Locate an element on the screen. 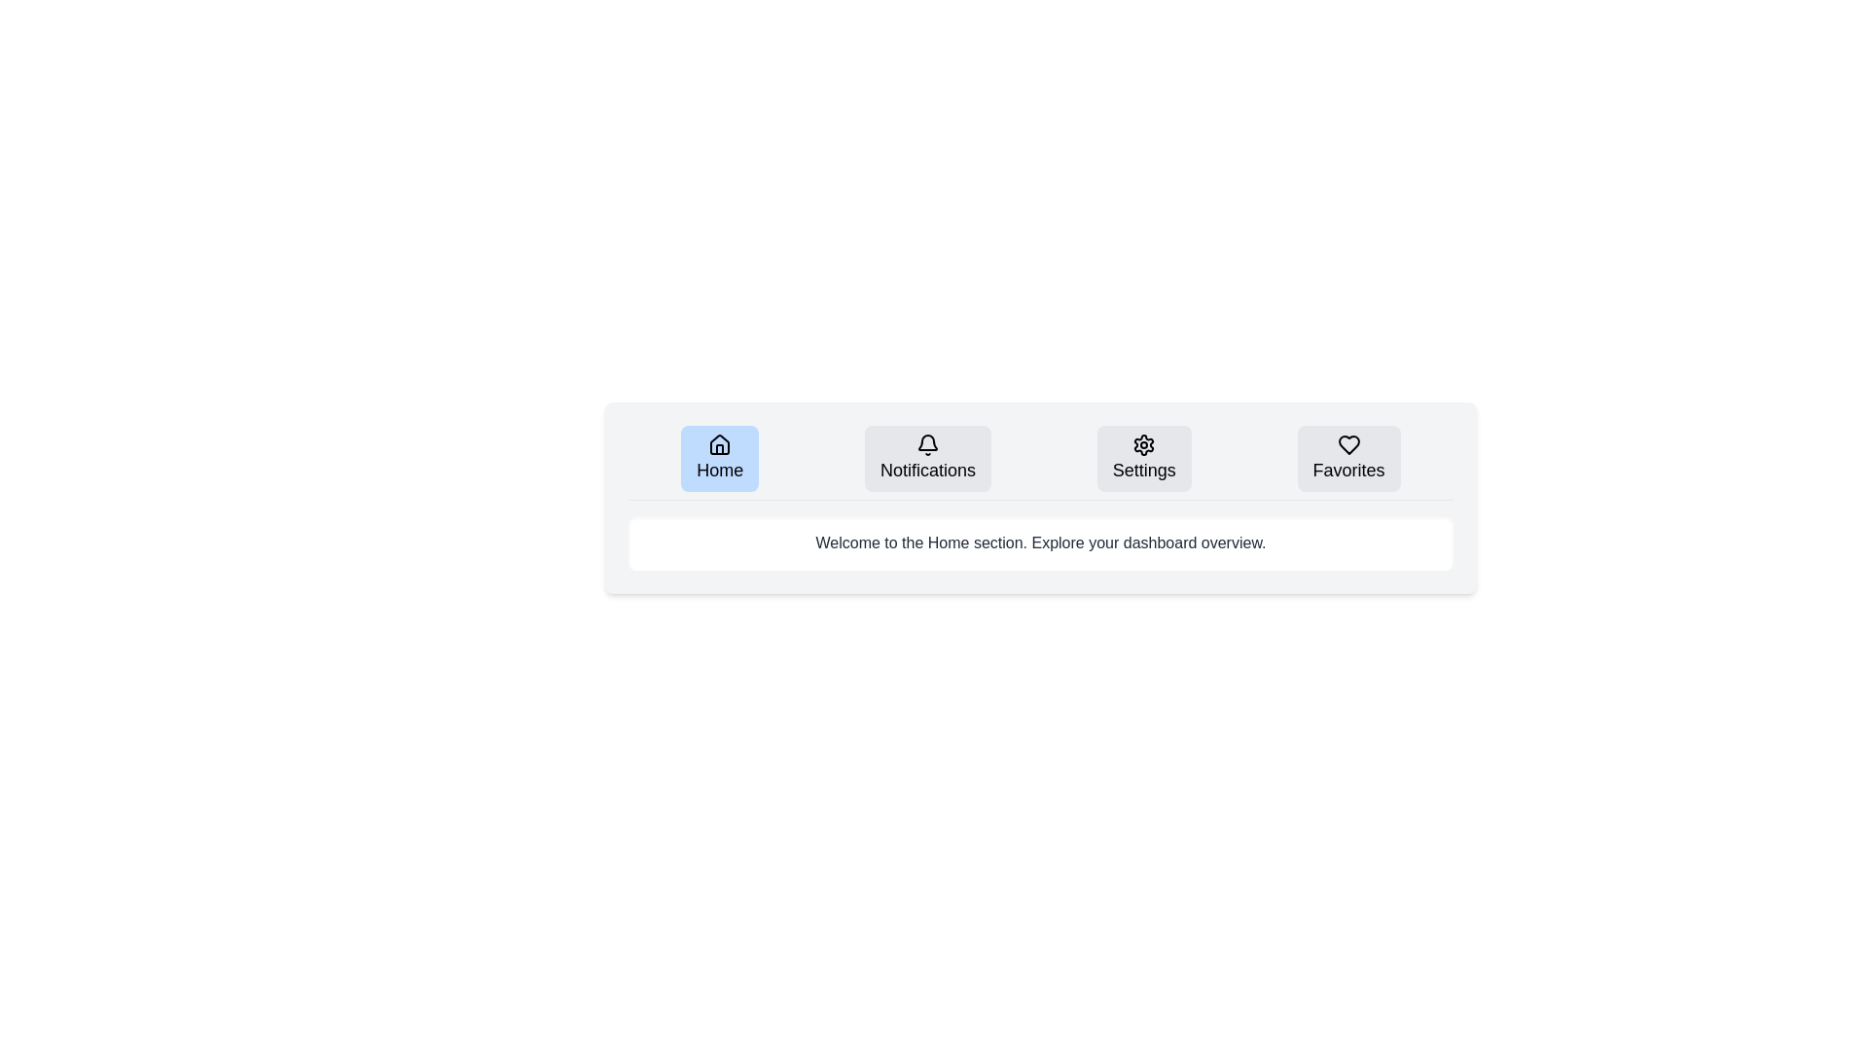 The height and width of the screenshot is (1050, 1868). the Settings section by clicking on the respective tab button is located at coordinates (1144, 458).